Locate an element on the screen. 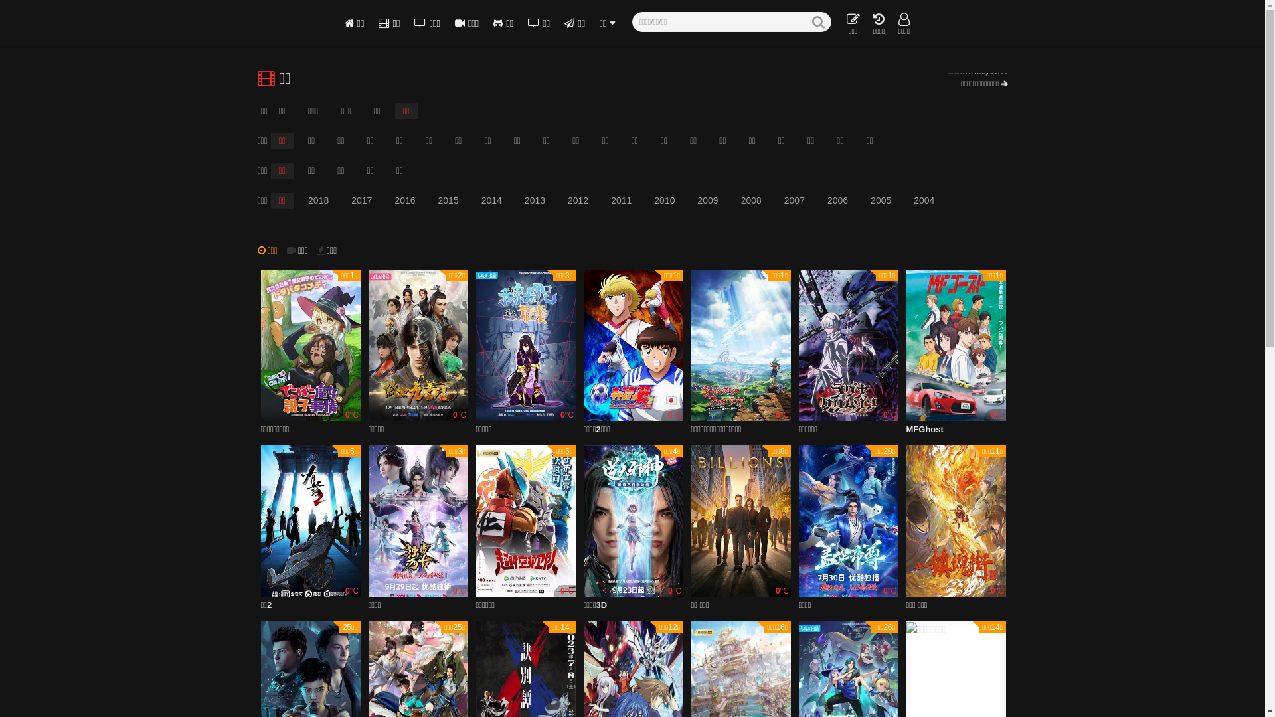 The image size is (1275, 717). '2008' is located at coordinates (751, 200).